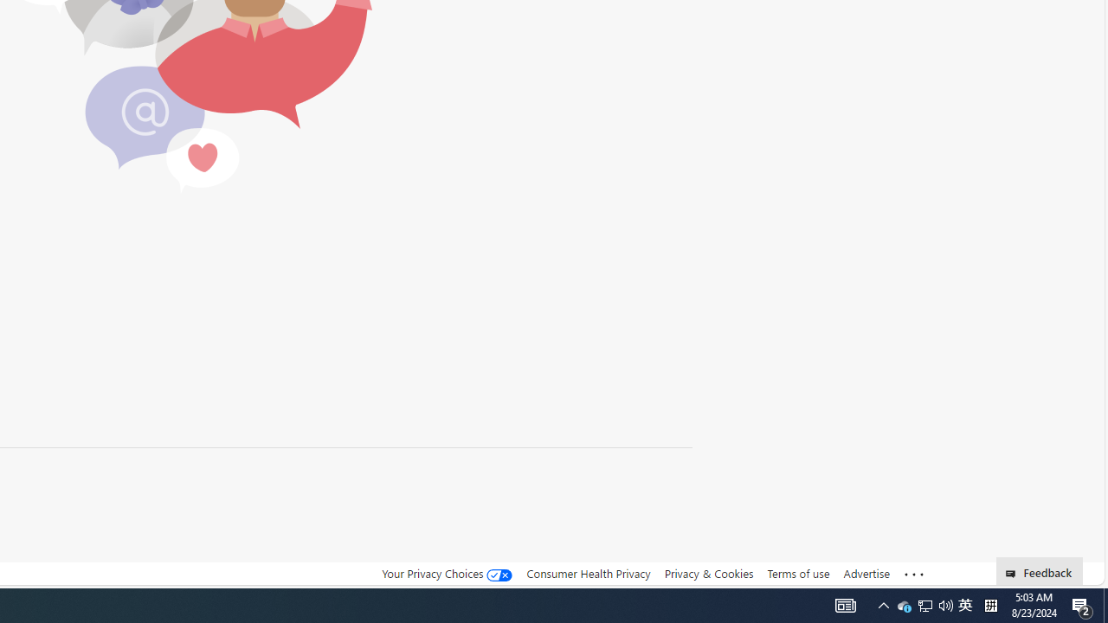  Describe the element at coordinates (866, 574) in the screenshot. I see `'Advertise'` at that location.